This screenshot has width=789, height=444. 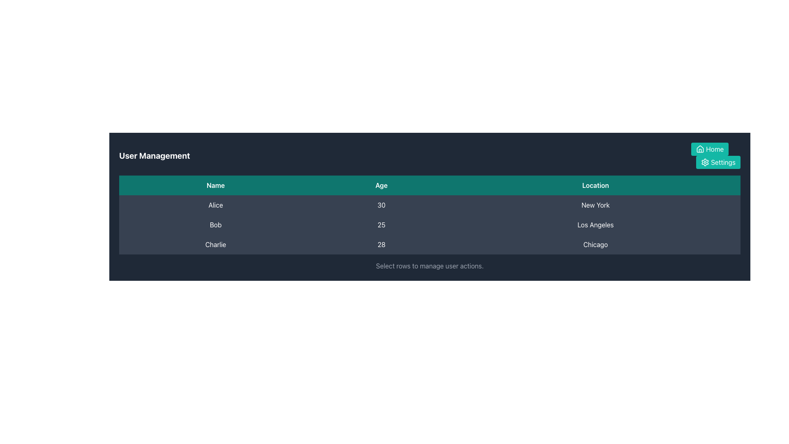 What do you see at coordinates (381, 185) in the screenshot?
I see `the 'Age' column header text label located between 'Name' and 'Location' in the header of the tabular layout` at bounding box center [381, 185].